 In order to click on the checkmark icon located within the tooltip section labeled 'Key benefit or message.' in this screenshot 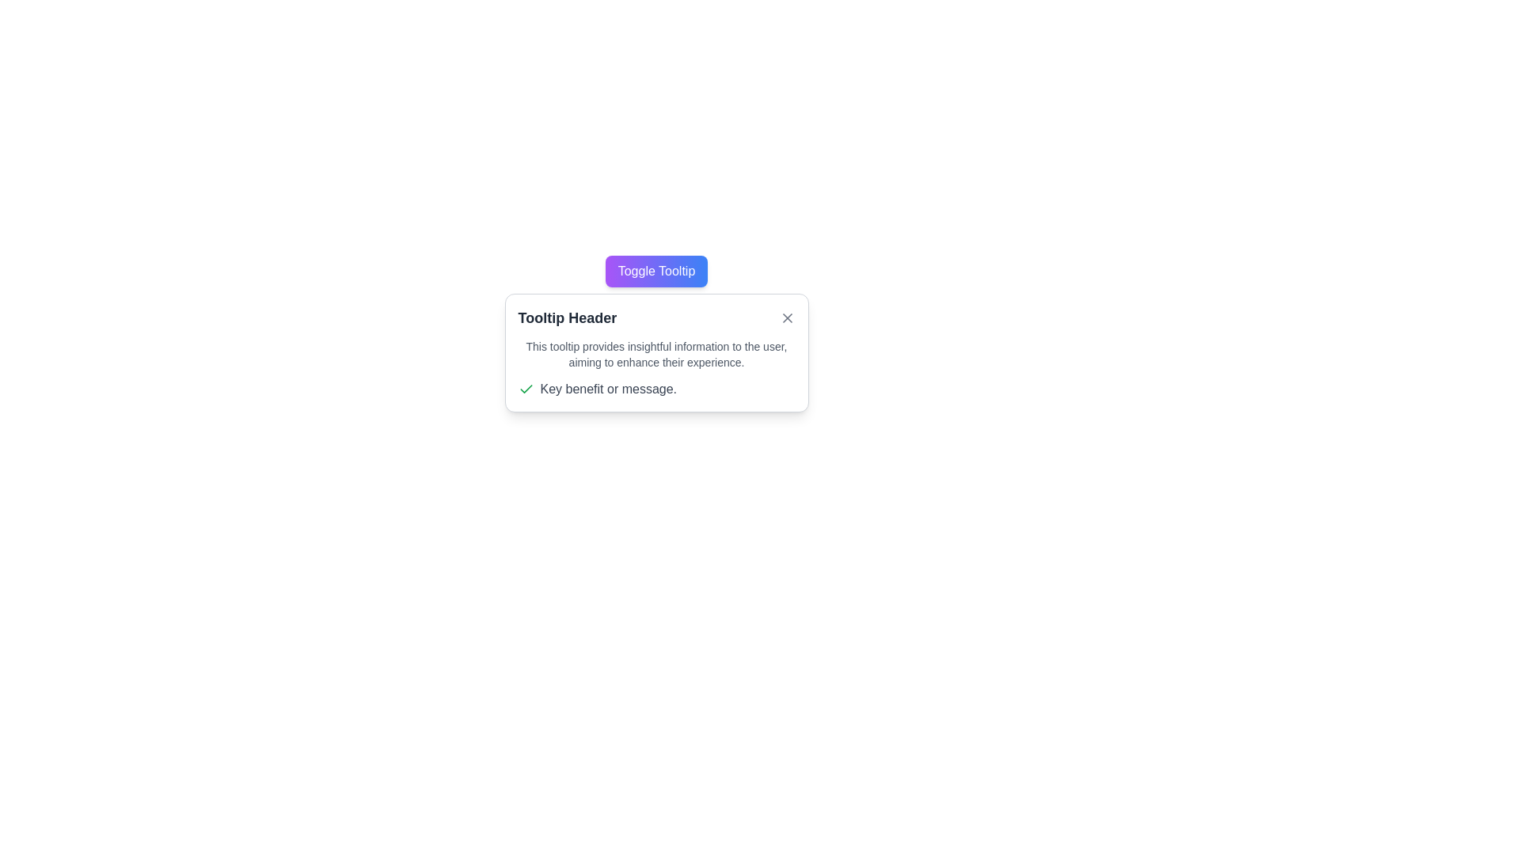, I will do `click(526, 389)`.